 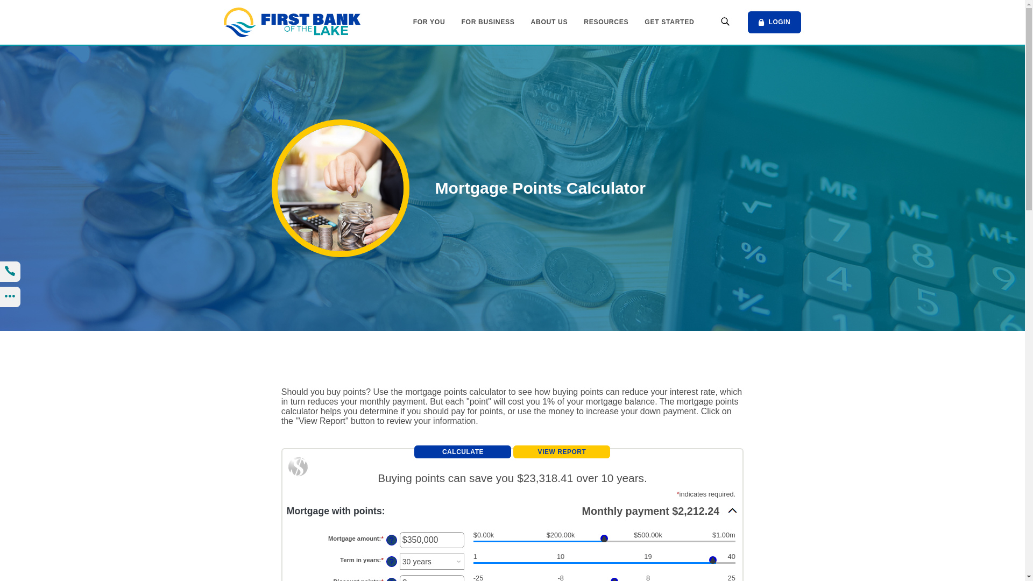 I want to click on 'Open Search', so click(x=718, y=22).